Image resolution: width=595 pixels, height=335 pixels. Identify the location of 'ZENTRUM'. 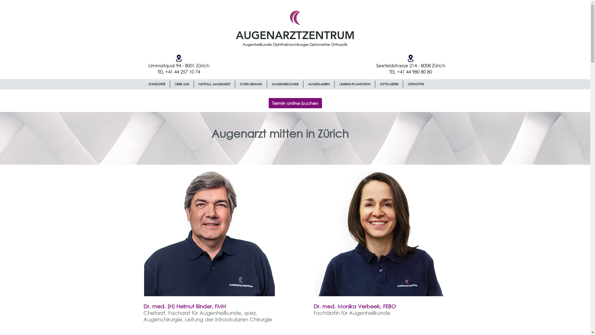
(328, 35).